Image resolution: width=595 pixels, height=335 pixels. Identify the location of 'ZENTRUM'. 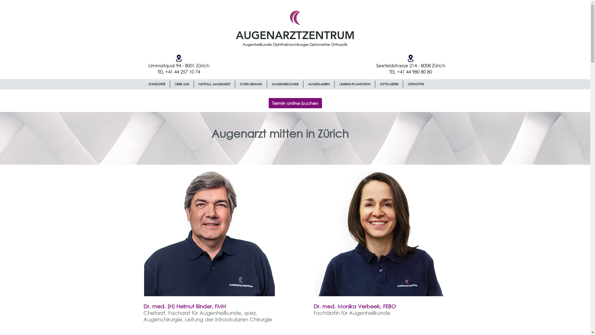
(328, 35).